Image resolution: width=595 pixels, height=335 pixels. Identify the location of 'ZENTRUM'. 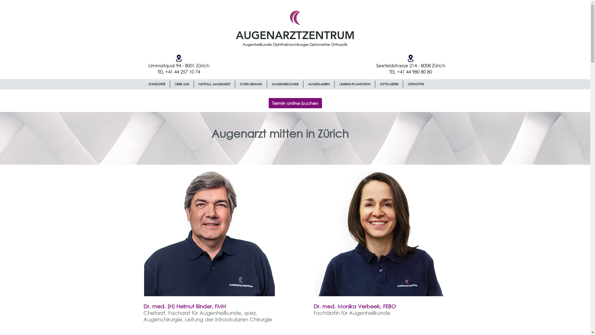
(328, 35).